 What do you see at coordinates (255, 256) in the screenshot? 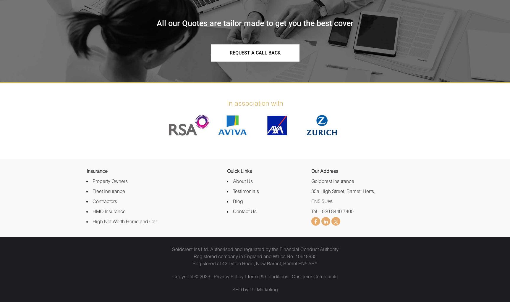
I see `'Registered company in England and Wales No. 10618935'` at bounding box center [255, 256].